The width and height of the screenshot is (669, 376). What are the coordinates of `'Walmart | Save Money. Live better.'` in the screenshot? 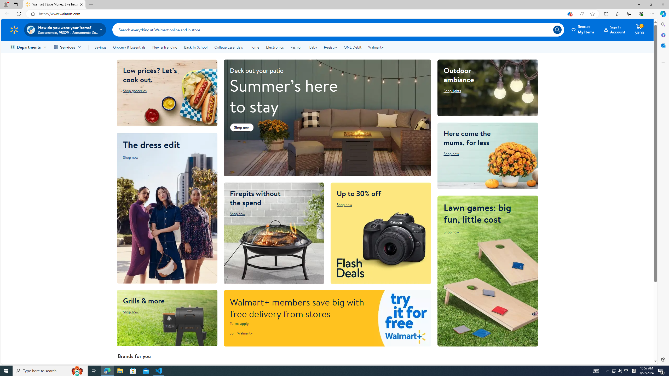 It's located at (54, 4).